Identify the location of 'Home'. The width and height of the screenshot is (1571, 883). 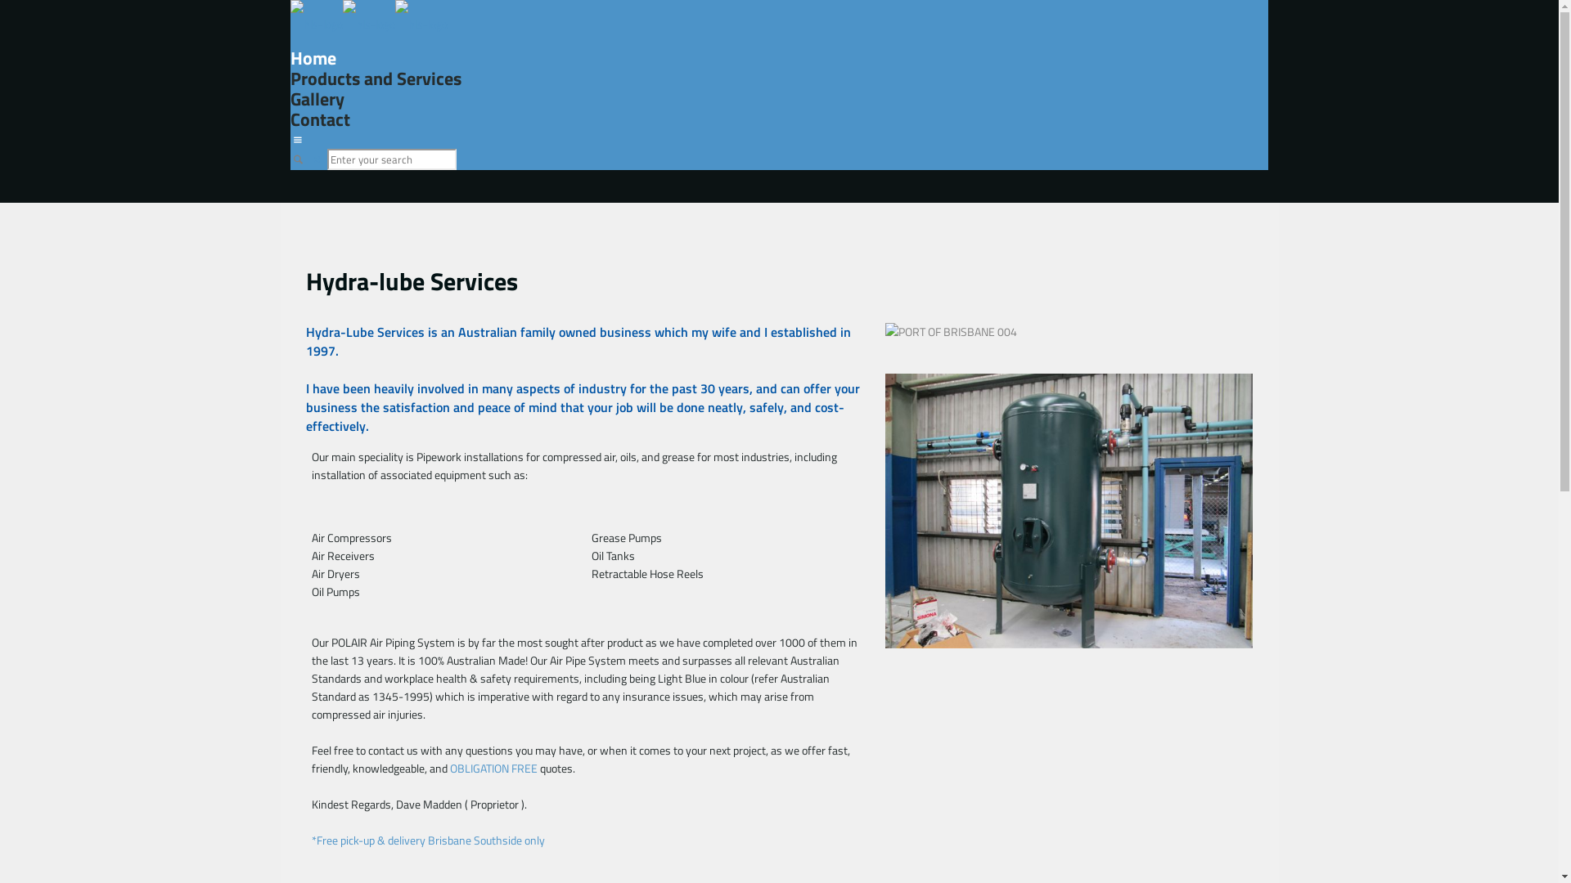
(313, 56).